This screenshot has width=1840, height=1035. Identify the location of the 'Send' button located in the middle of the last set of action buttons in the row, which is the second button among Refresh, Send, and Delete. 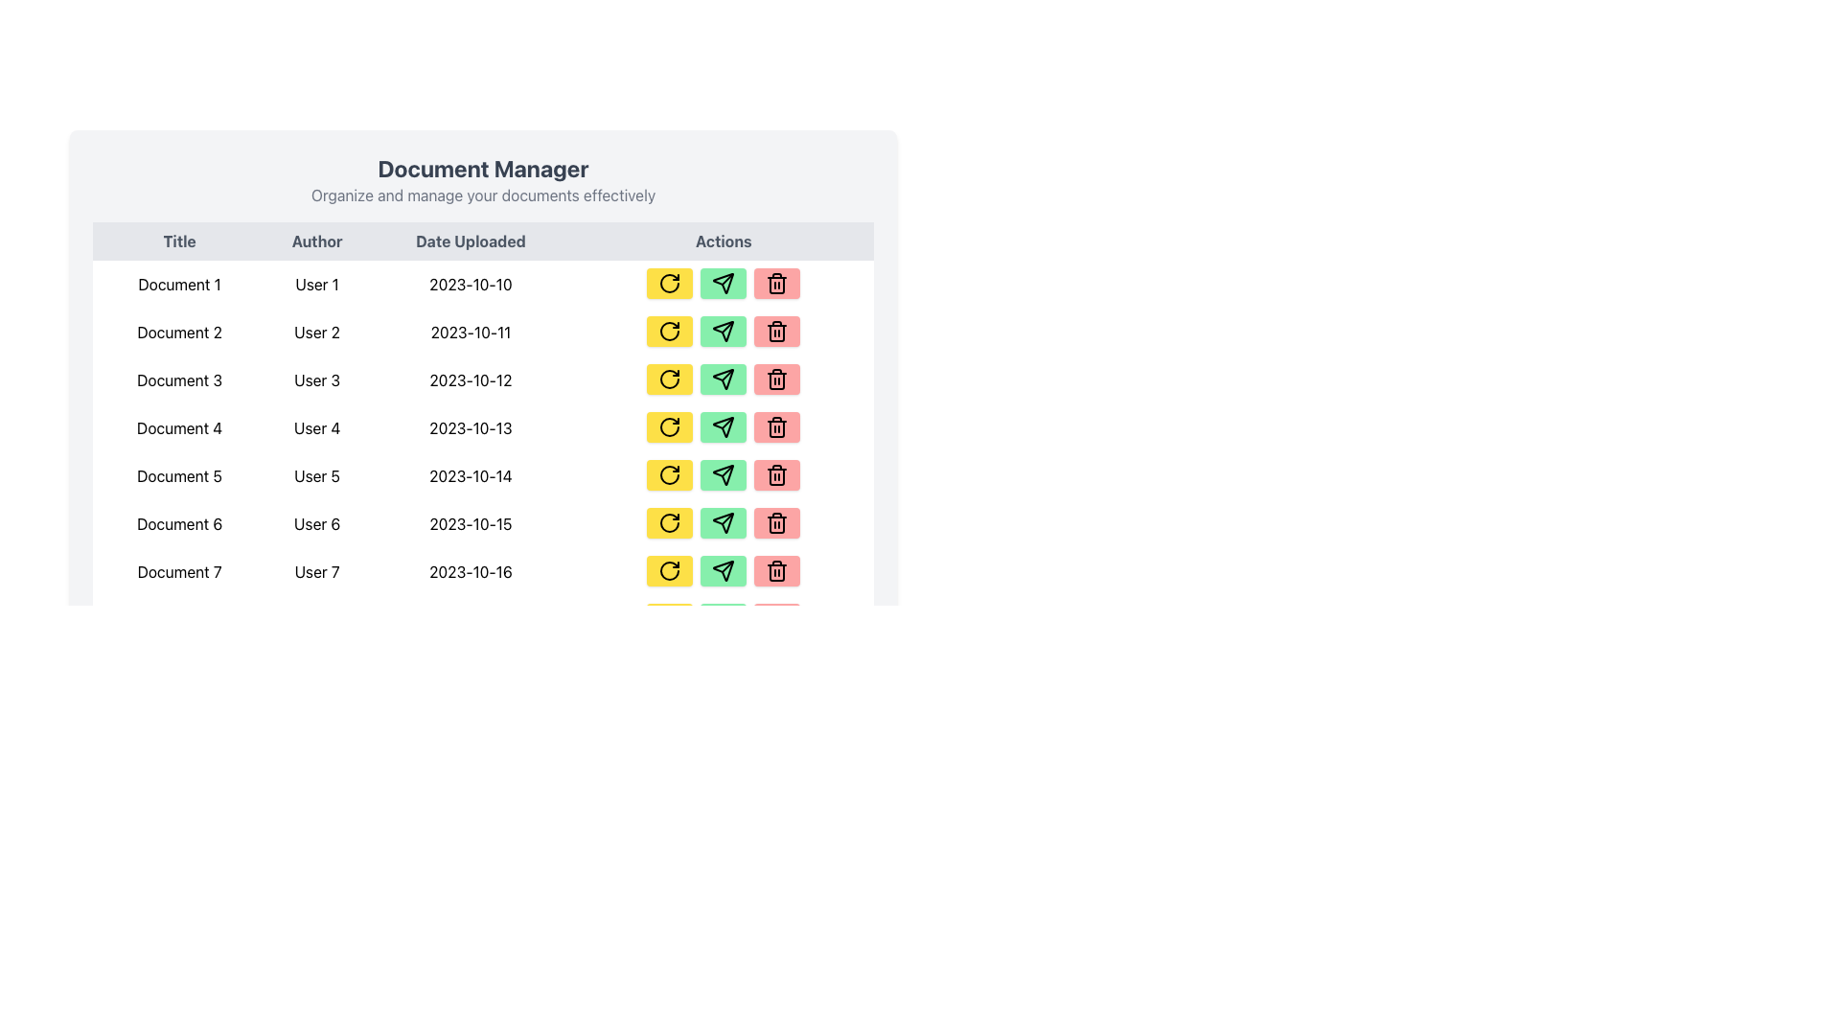
(723, 714).